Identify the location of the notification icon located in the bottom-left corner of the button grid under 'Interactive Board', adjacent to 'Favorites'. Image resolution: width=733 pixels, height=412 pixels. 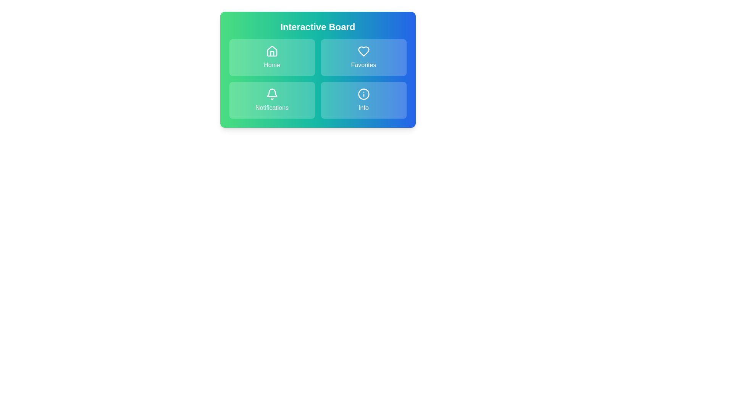
(272, 93).